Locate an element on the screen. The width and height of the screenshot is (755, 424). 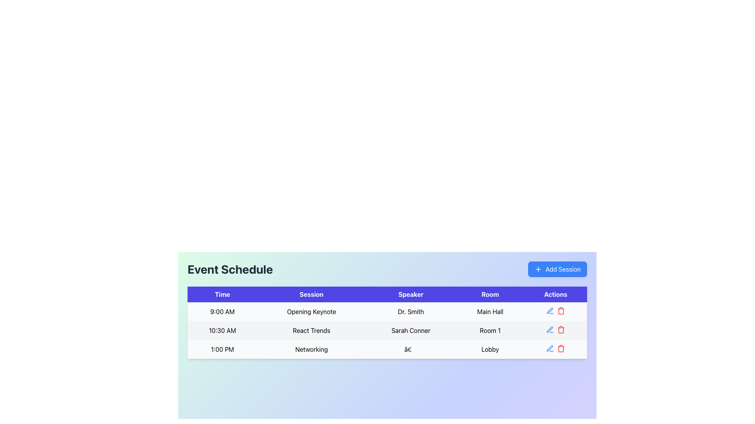
the static text element that serves as the column header for time-related data, located on the far-left side of the header row containing five buttons is located at coordinates (222, 294).